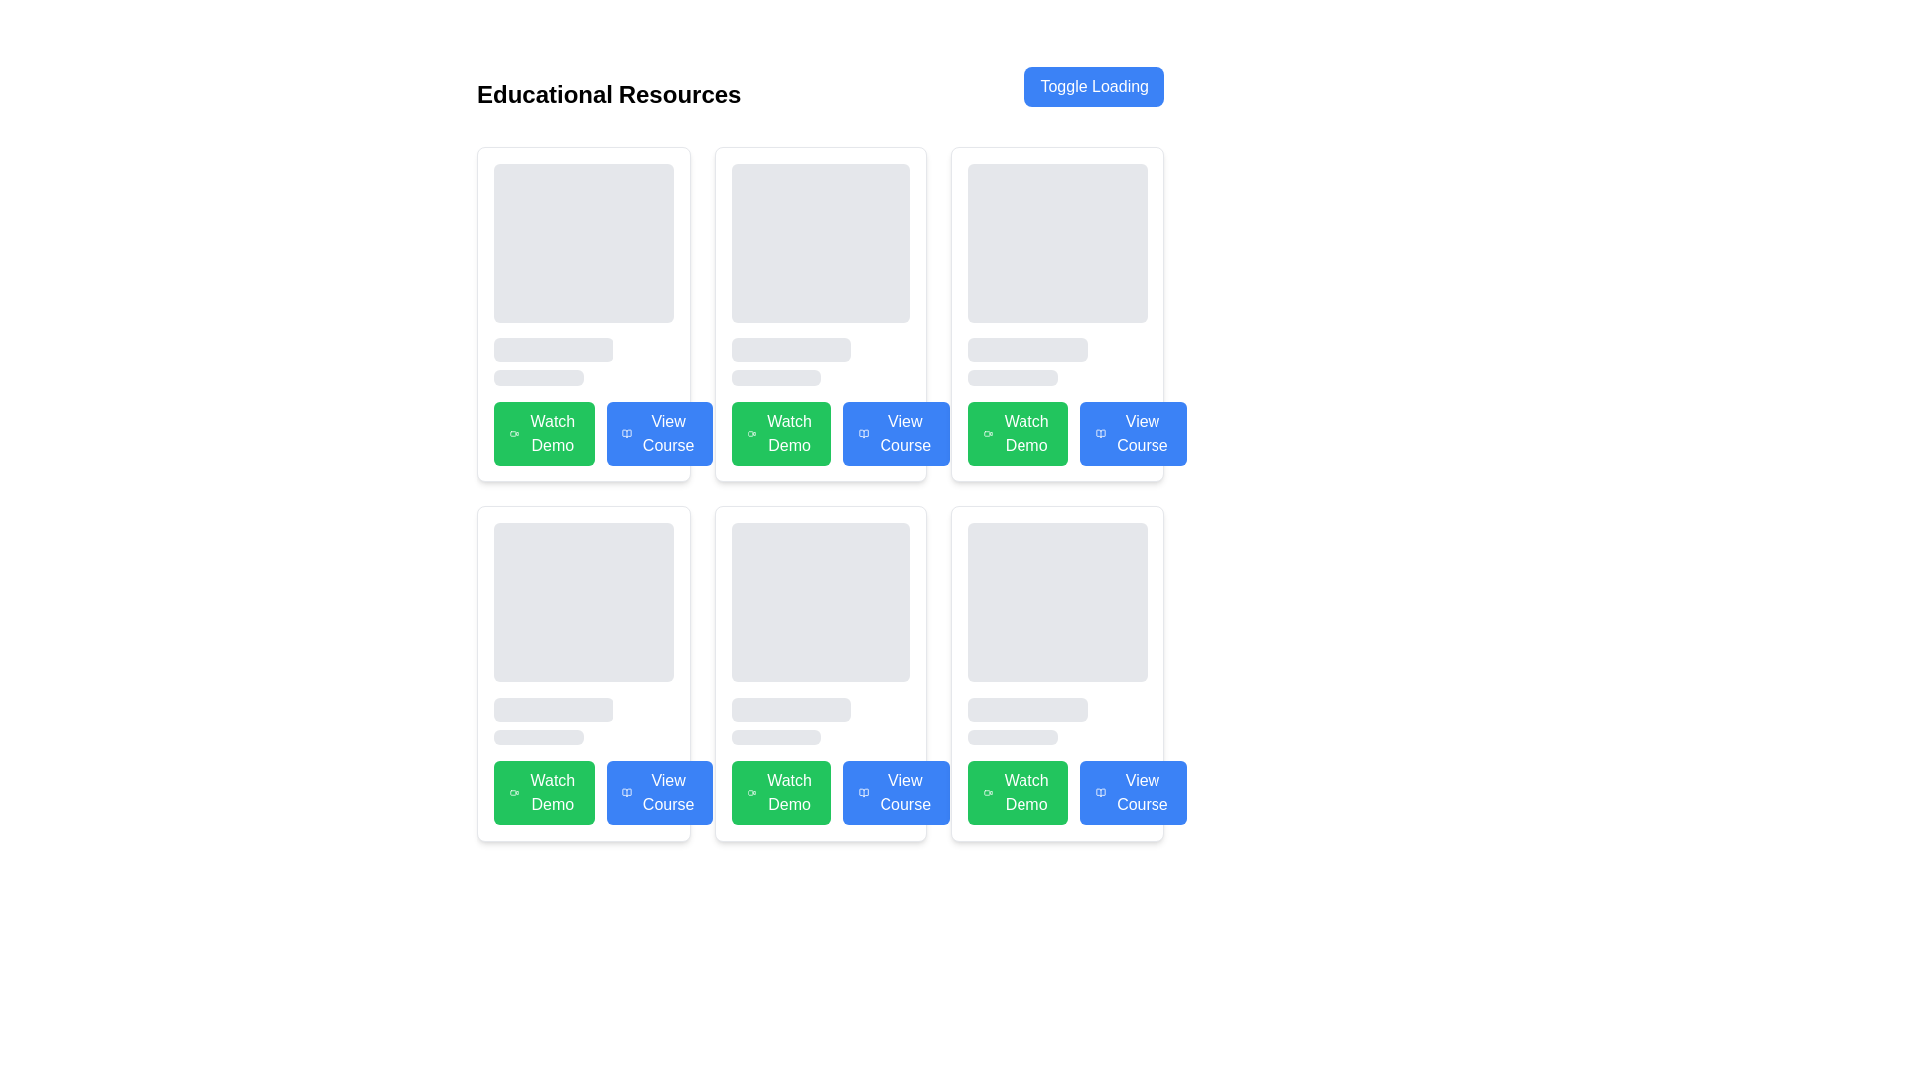 The image size is (1906, 1072). Describe the element at coordinates (1013, 737) in the screenshot. I see `the placeholder element (skeleton loader) located at the bottom of the second card from the right in the grid of cards, which serves as a loading indicator for future content` at that location.